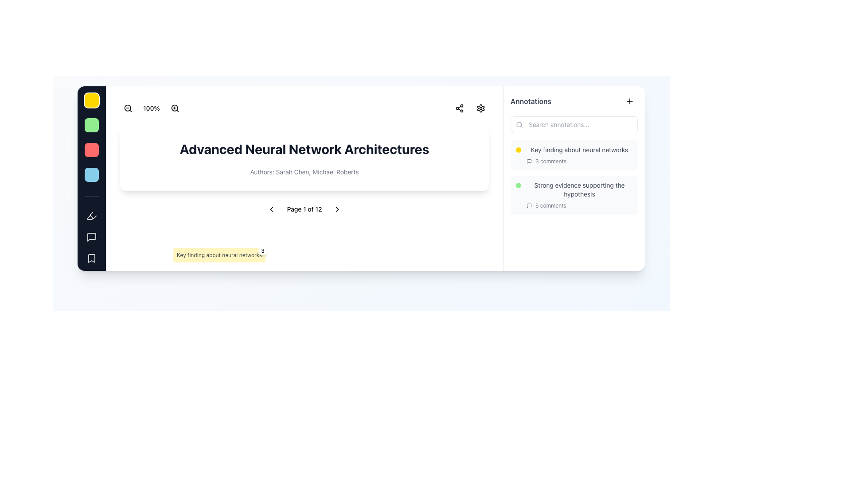  I want to click on the red circular button located in the third slot of a vertical column, positioned between a green and a light blue button, so click(91, 150).